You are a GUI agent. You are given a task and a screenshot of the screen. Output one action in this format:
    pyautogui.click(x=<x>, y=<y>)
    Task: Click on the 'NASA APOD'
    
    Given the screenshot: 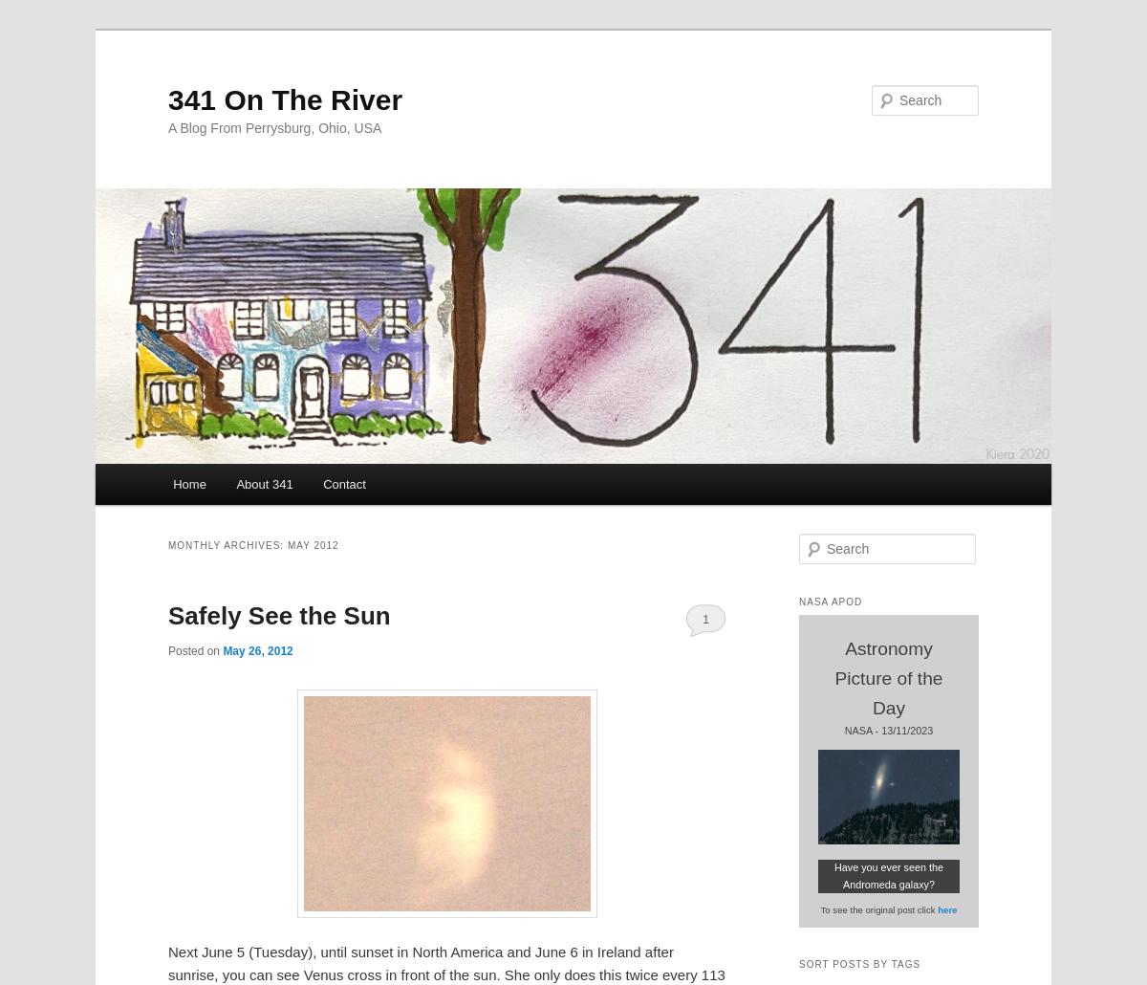 What is the action you would take?
    pyautogui.click(x=830, y=600)
    